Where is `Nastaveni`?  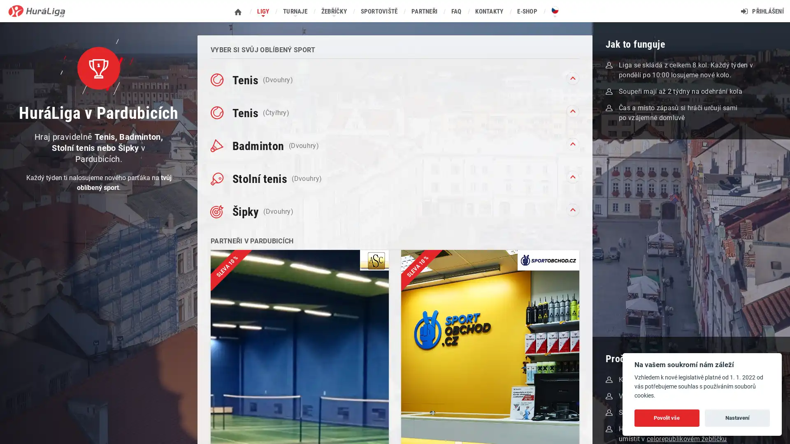
Nastaveni is located at coordinates (737, 417).